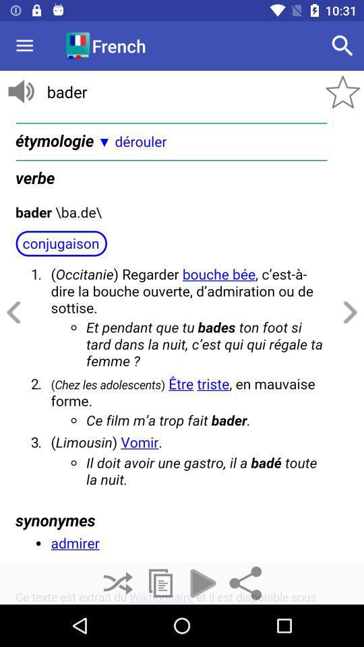 This screenshot has height=647, width=364. I want to click on the star icon, so click(342, 91).